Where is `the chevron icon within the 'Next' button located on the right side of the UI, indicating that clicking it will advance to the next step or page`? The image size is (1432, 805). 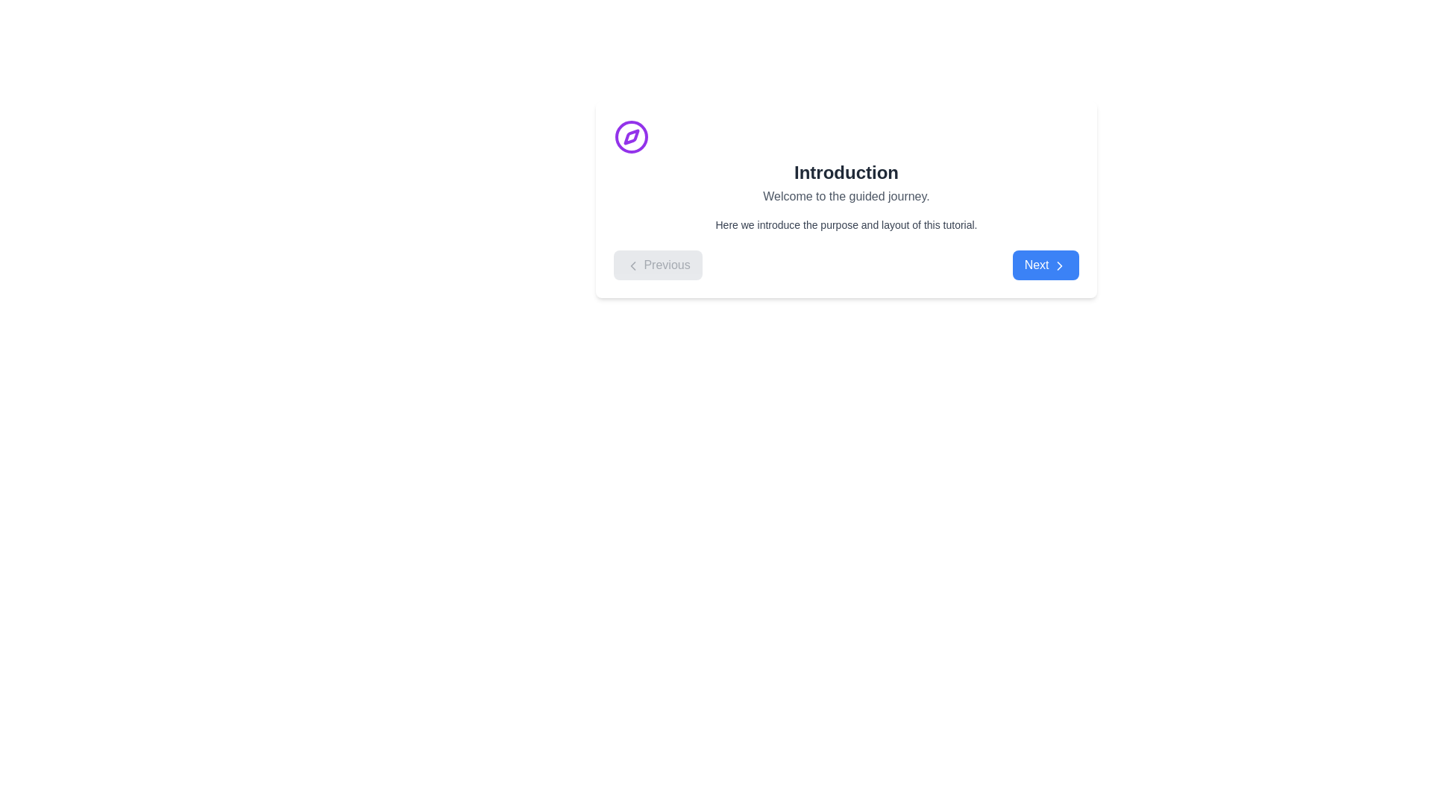 the chevron icon within the 'Next' button located on the right side of the UI, indicating that clicking it will advance to the next step or page is located at coordinates (1058, 264).